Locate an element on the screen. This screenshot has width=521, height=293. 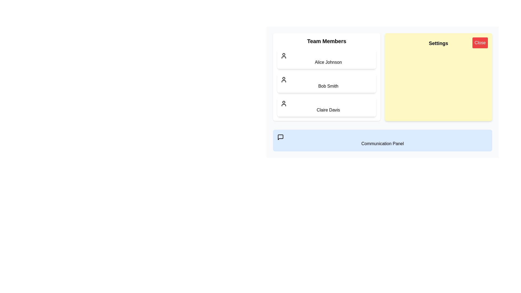
the bold 'Settings' text label, which is located at the top-left corner of a yellow content box, to interact with adjacent elements is located at coordinates (439, 43).